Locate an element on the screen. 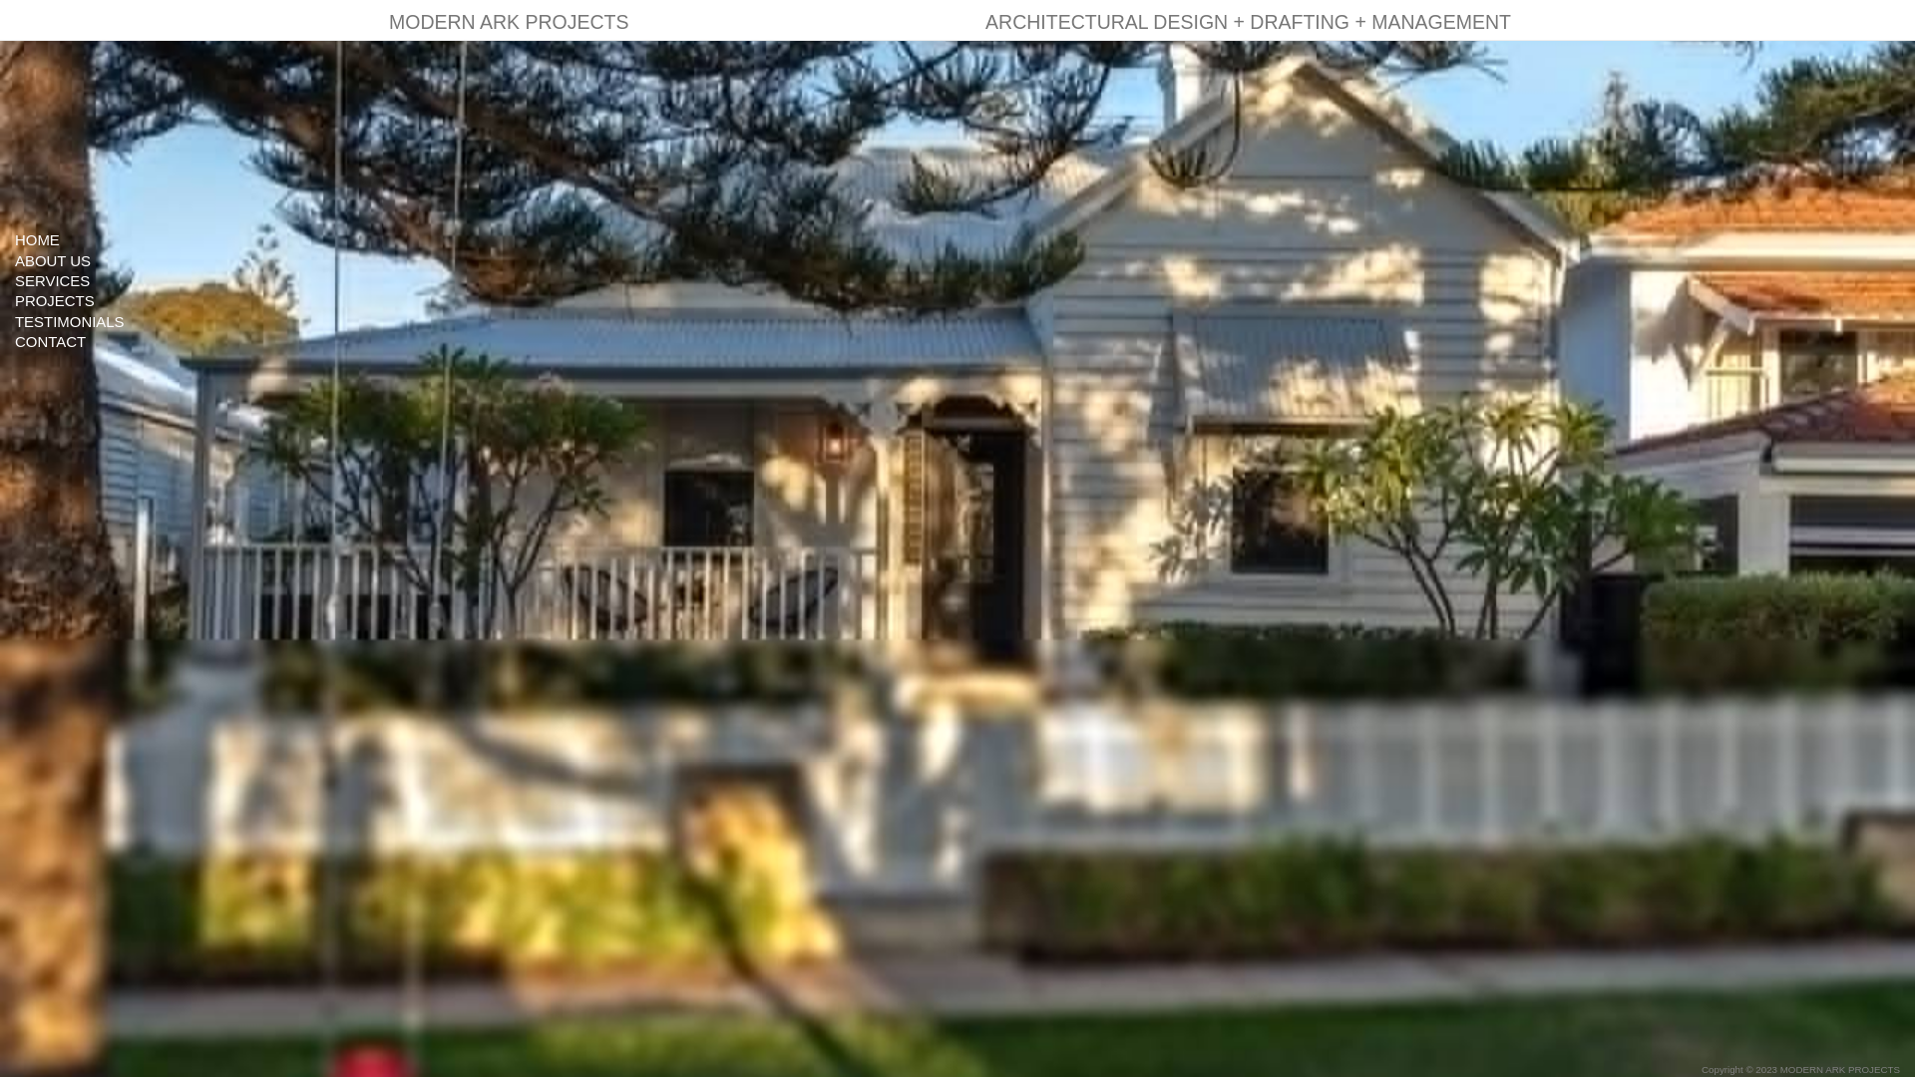 This screenshot has height=1077, width=1915. 'ABOUT US' is located at coordinates (104, 259).